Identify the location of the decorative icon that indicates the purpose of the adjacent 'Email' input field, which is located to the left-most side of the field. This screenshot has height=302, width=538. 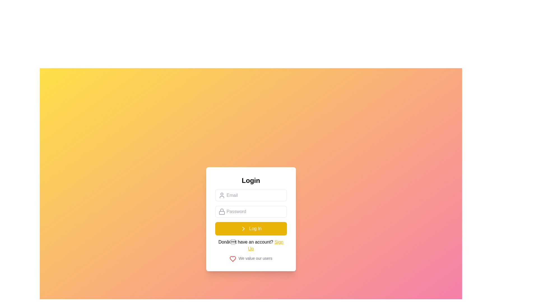
(221, 195).